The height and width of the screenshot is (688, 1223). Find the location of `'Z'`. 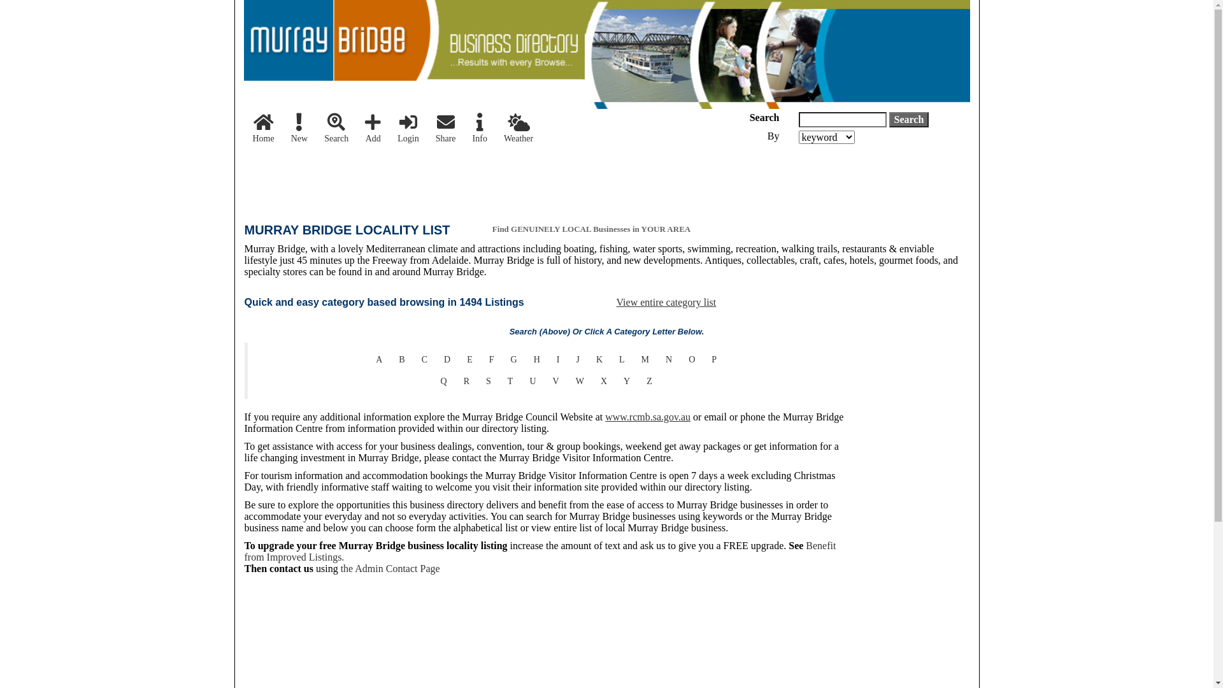

'Z' is located at coordinates (649, 380).